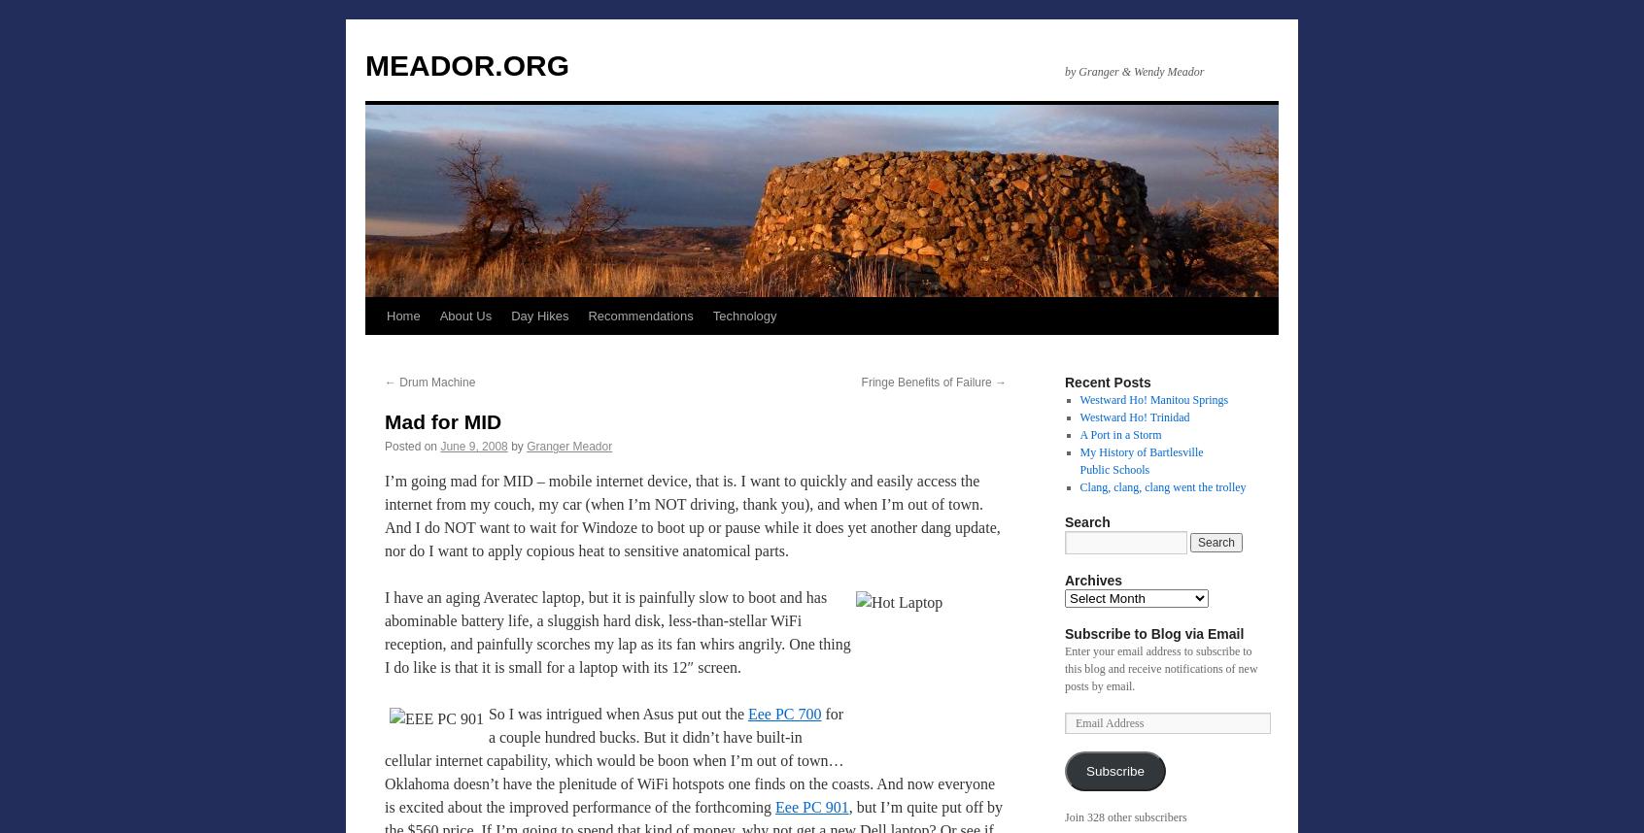  Describe the element at coordinates (1065, 381) in the screenshot. I see `'Recent Posts'` at that location.